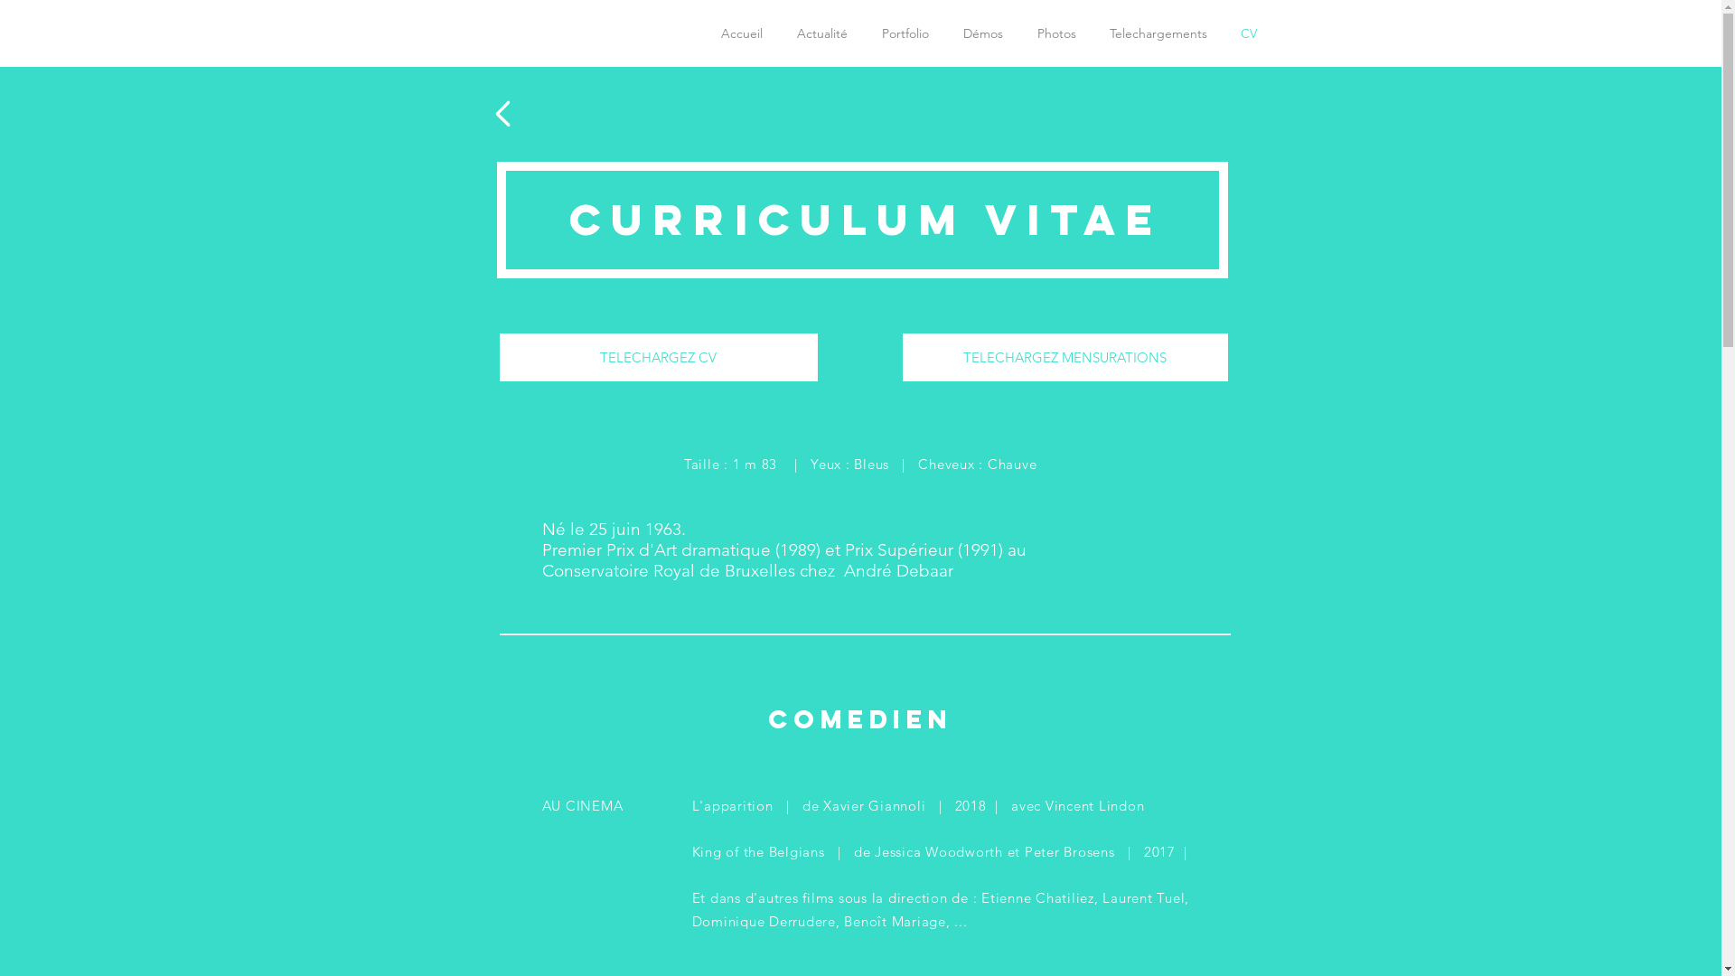 This screenshot has height=976, width=1735. What do you see at coordinates (902, 357) in the screenshot?
I see `'TELECHARGEZ MENSURATIONS'` at bounding box center [902, 357].